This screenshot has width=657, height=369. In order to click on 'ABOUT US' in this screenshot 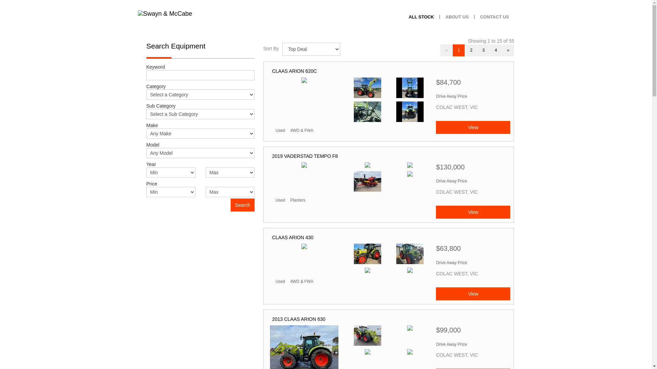, I will do `click(457, 17)`.